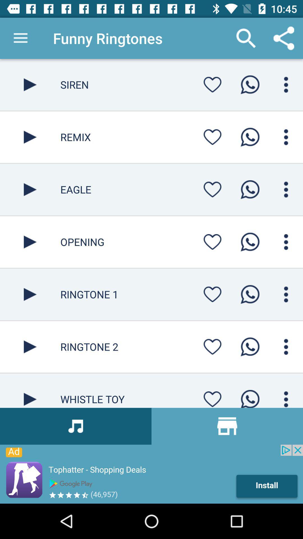 This screenshot has width=303, height=539. Describe the element at coordinates (151, 474) in the screenshot. I see `advertisement page` at that location.